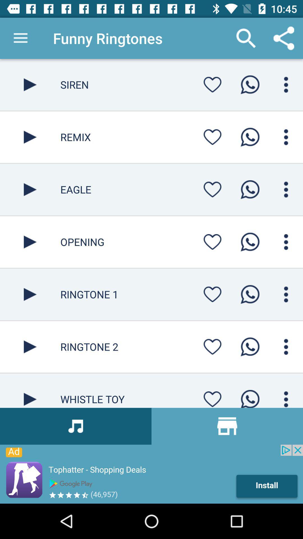 This screenshot has width=303, height=539. Describe the element at coordinates (151, 474) in the screenshot. I see `advertisement page` at that location.